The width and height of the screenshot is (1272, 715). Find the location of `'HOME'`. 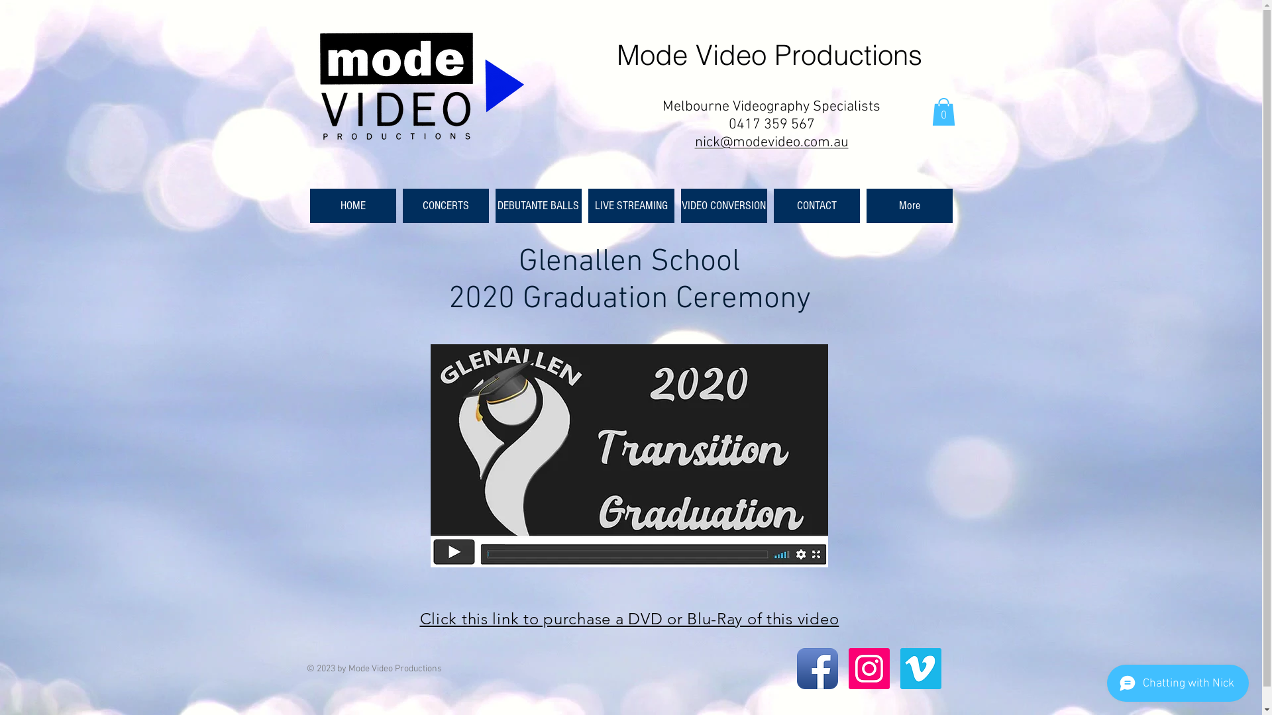

'HOME' is located at coordinates (352, 206).